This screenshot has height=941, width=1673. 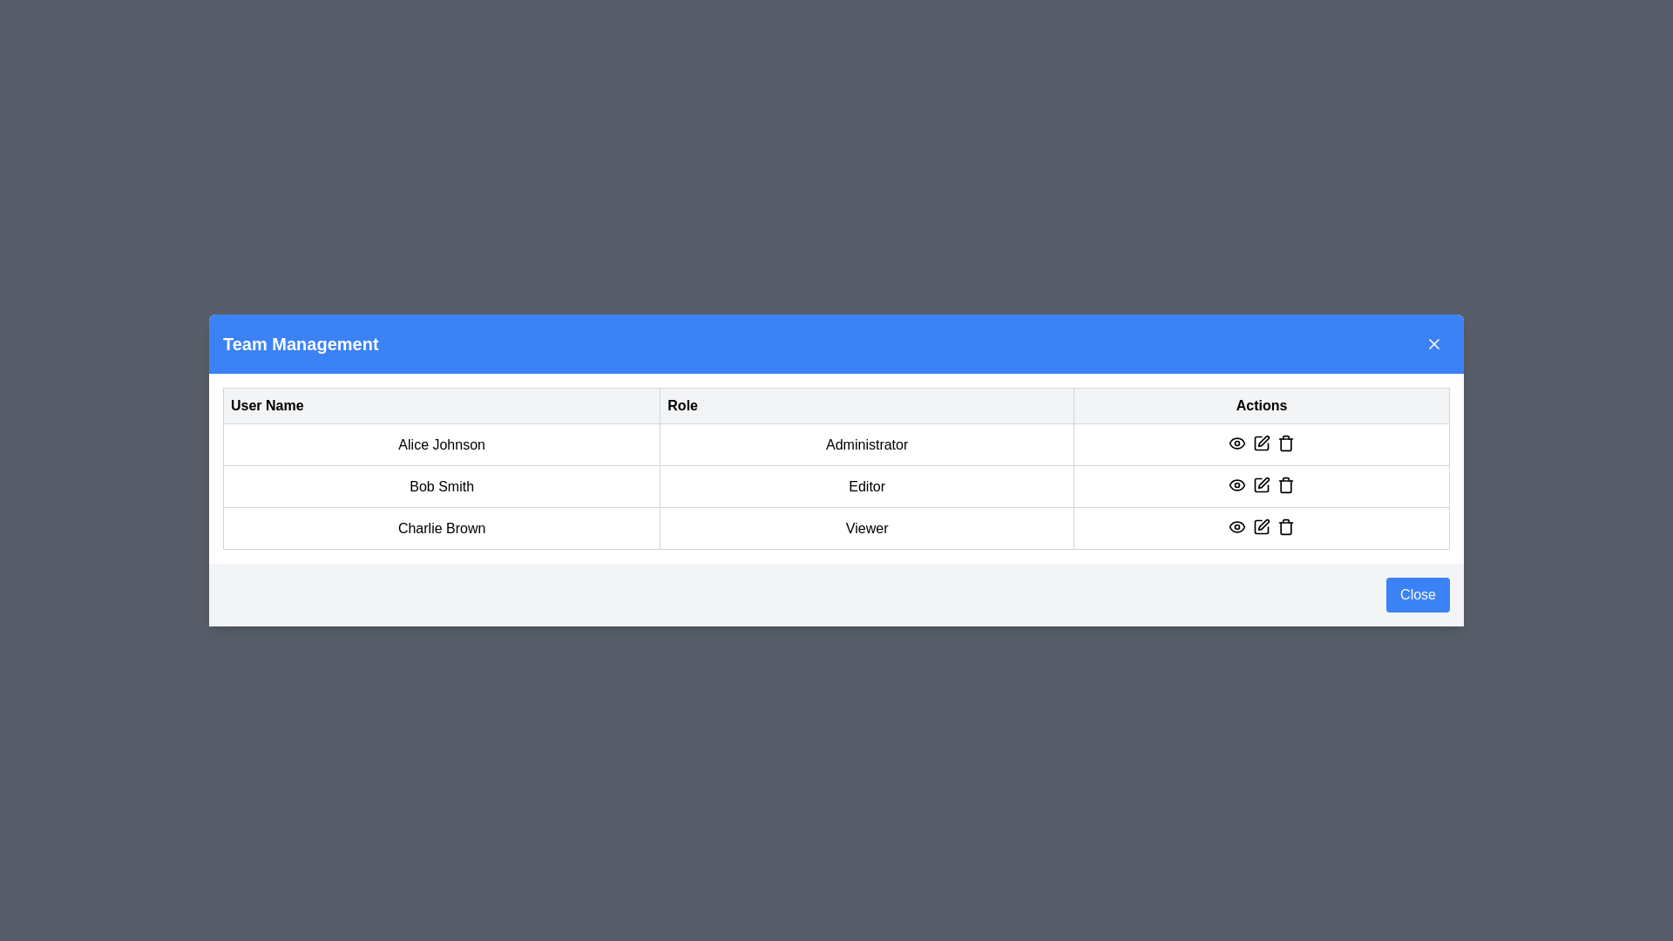 What do you see at coordinates (442, 486) in the screenshot?
I see `text content of the Label displaying the user's name, which shows 'Bob Smith' in a clear, bold font located in the second row under the 'User Name' column` at bounding box center [442, 486].